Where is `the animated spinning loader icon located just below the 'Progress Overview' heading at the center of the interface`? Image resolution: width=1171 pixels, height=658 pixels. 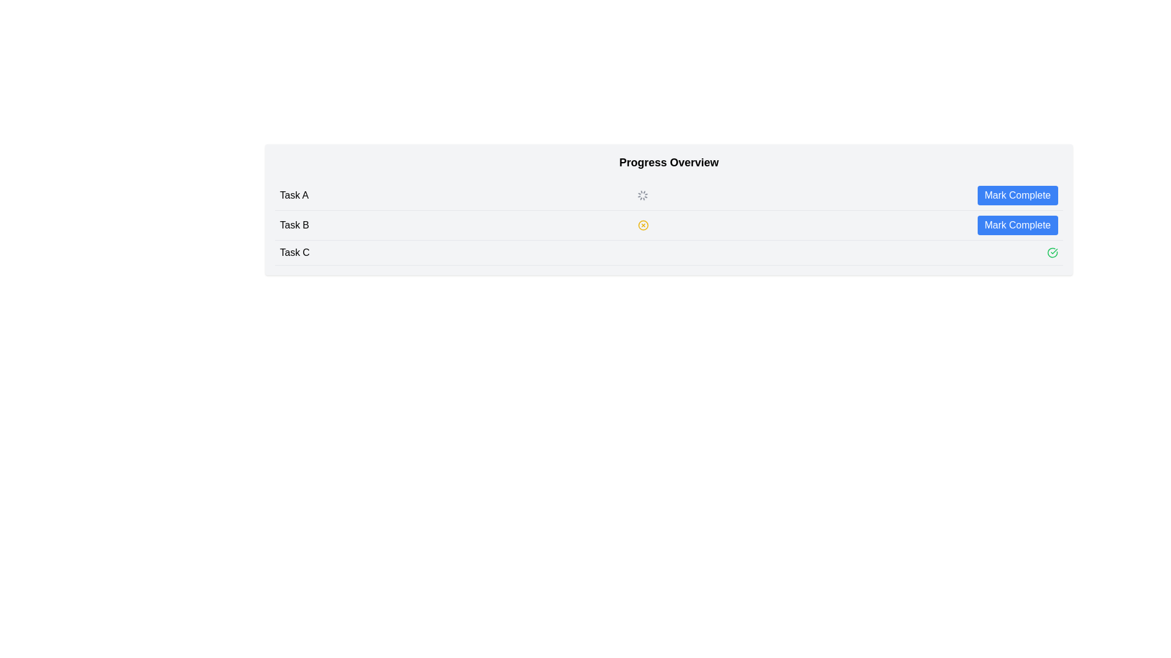 the animated spinning loader icon located just below the 'Progress Overview' heading at the center of the interface is located at coordinates (642, 194).